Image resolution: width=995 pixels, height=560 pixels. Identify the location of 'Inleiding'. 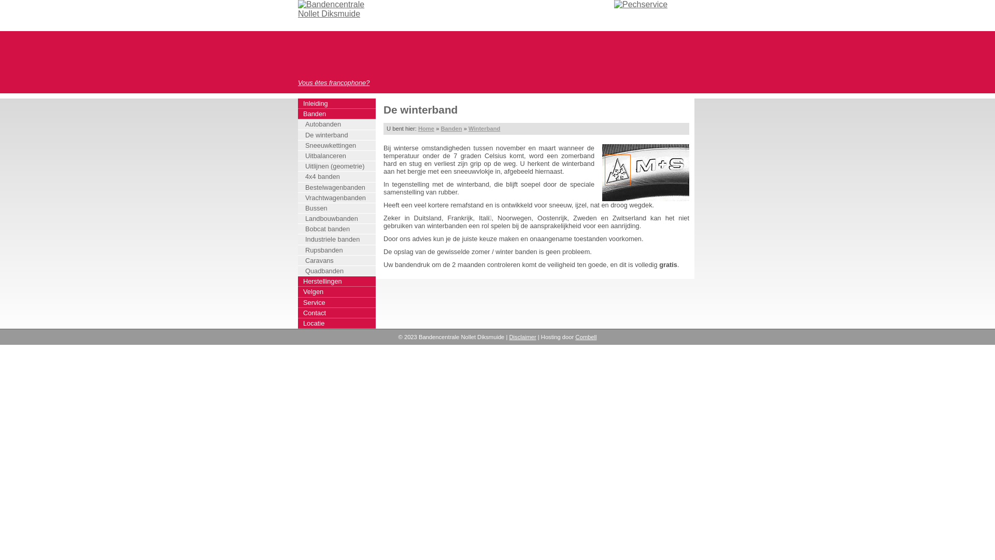
(297, 104).